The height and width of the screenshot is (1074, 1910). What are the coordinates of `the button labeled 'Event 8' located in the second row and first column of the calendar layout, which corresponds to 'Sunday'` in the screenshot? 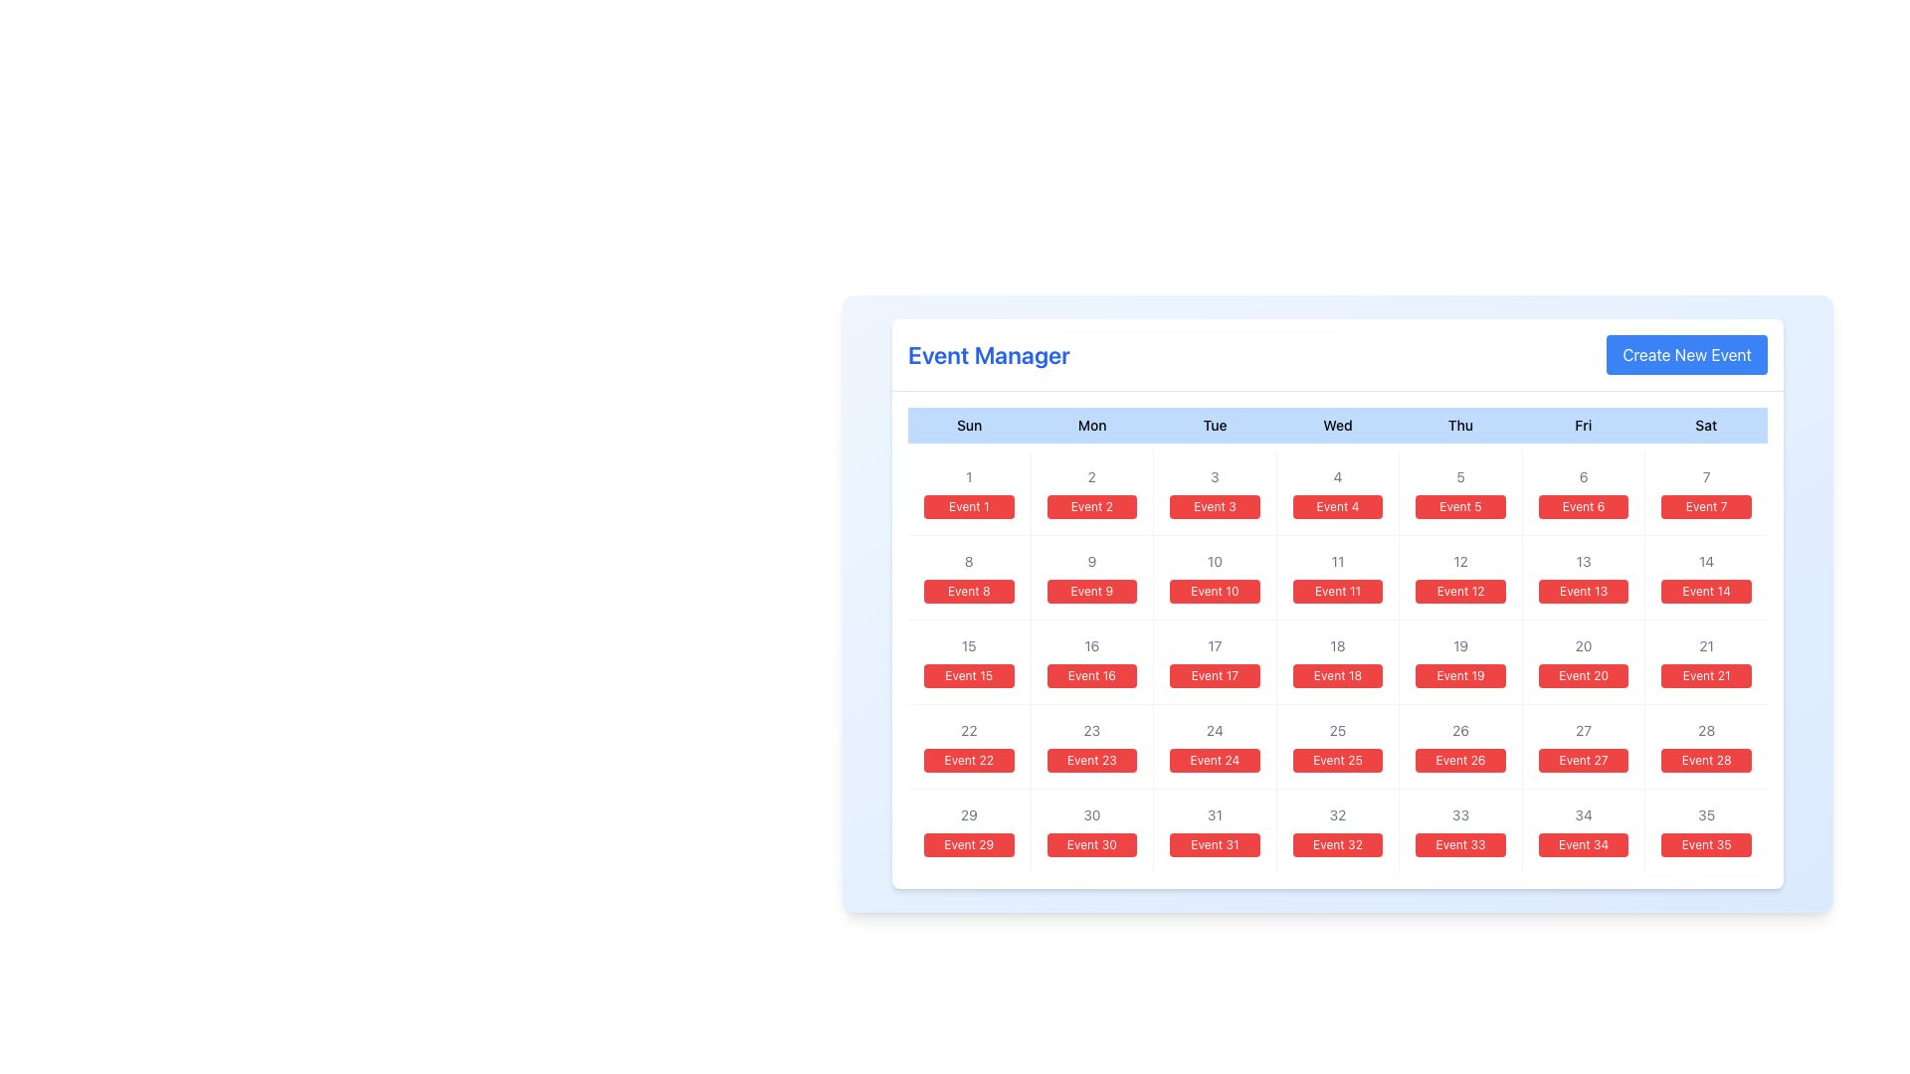 It's located at (969, 578).